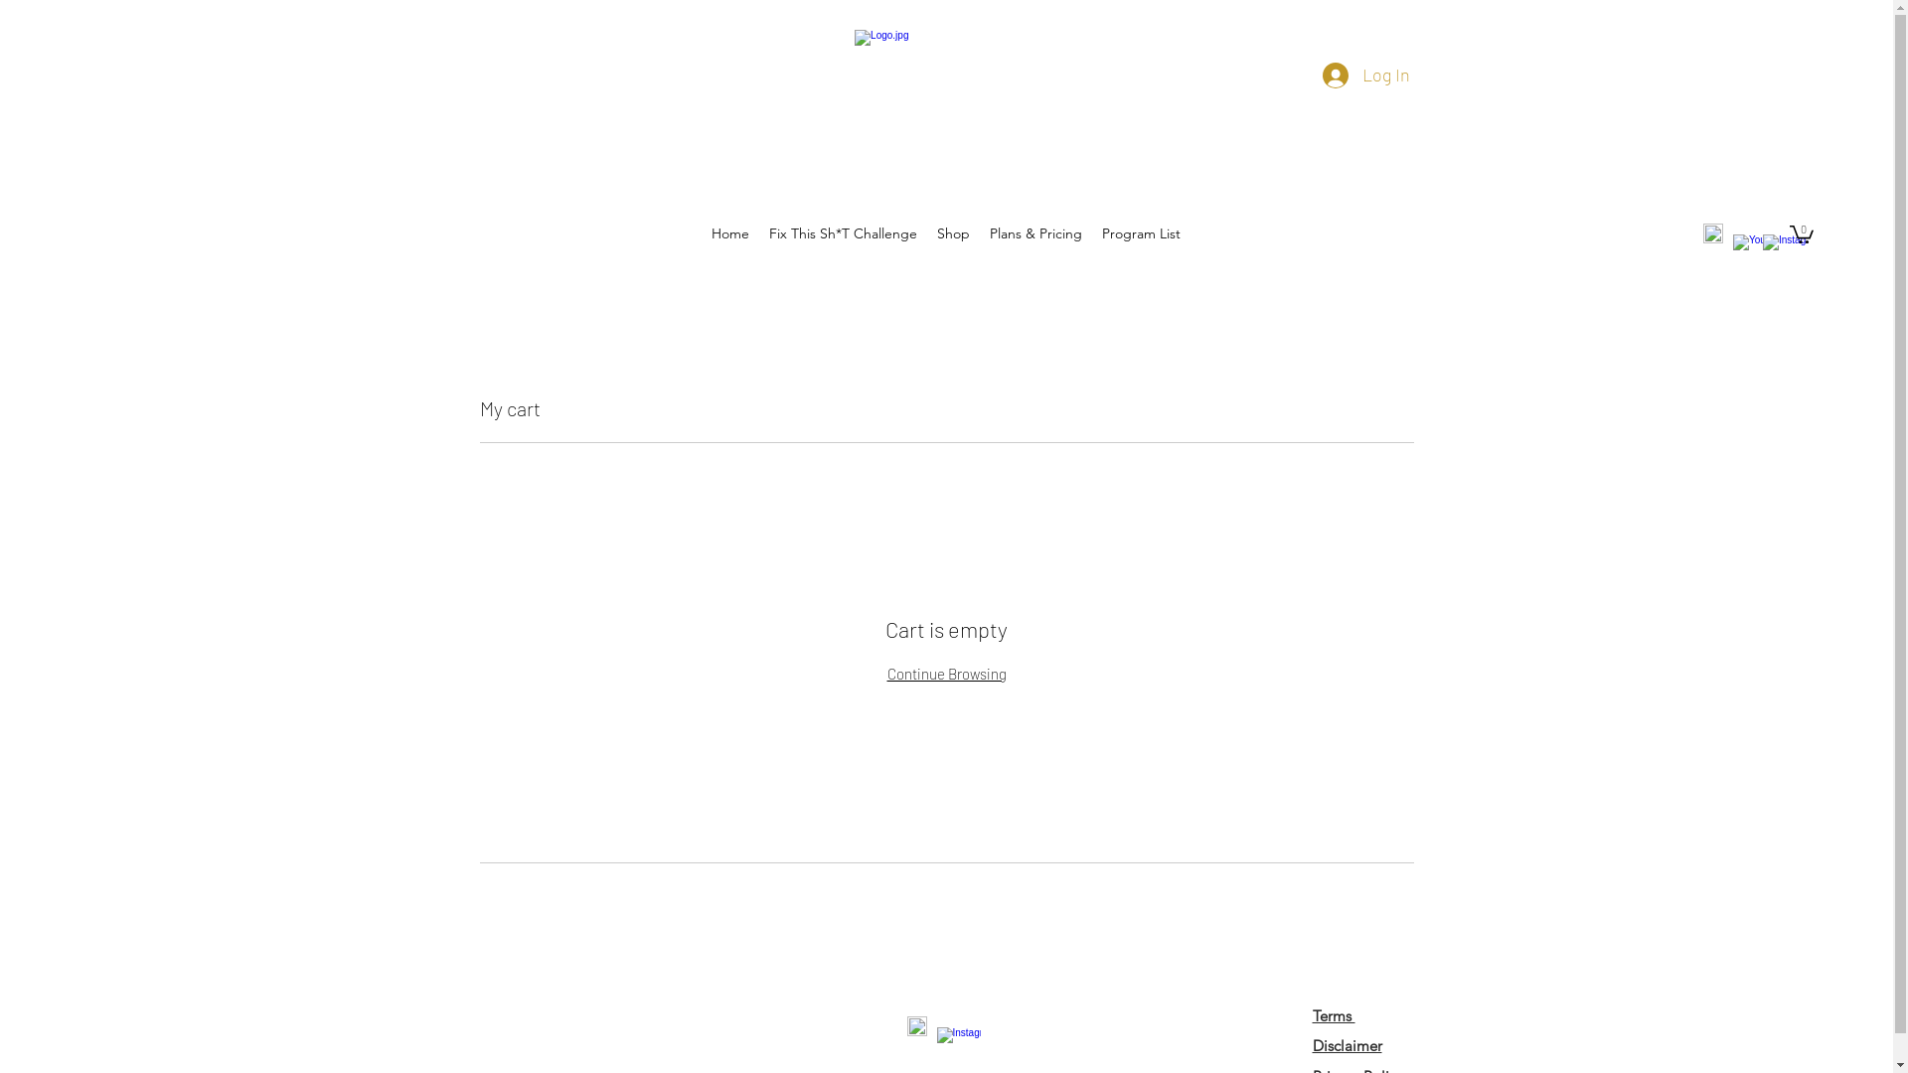 Image resolution: width=1908 pixels, height=1073 pixels. What do you see at coordinates (1346, 1044) in the screenshot?
I see `'Disclaimer'` at bounding box center [1346, 1044].